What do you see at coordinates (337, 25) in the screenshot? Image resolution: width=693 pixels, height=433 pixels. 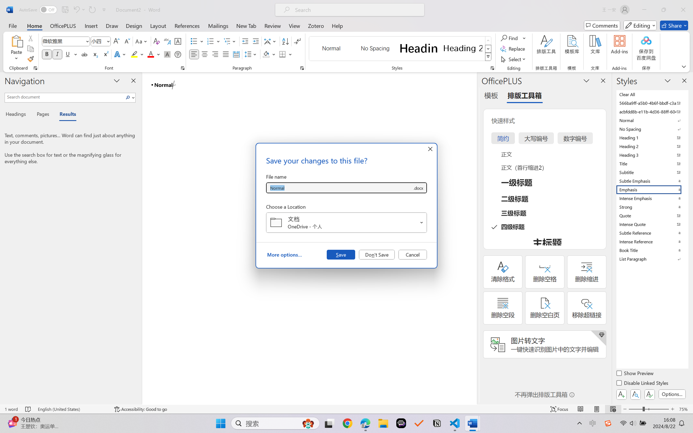 I see `'Help'` at bounding box center [337, 25].